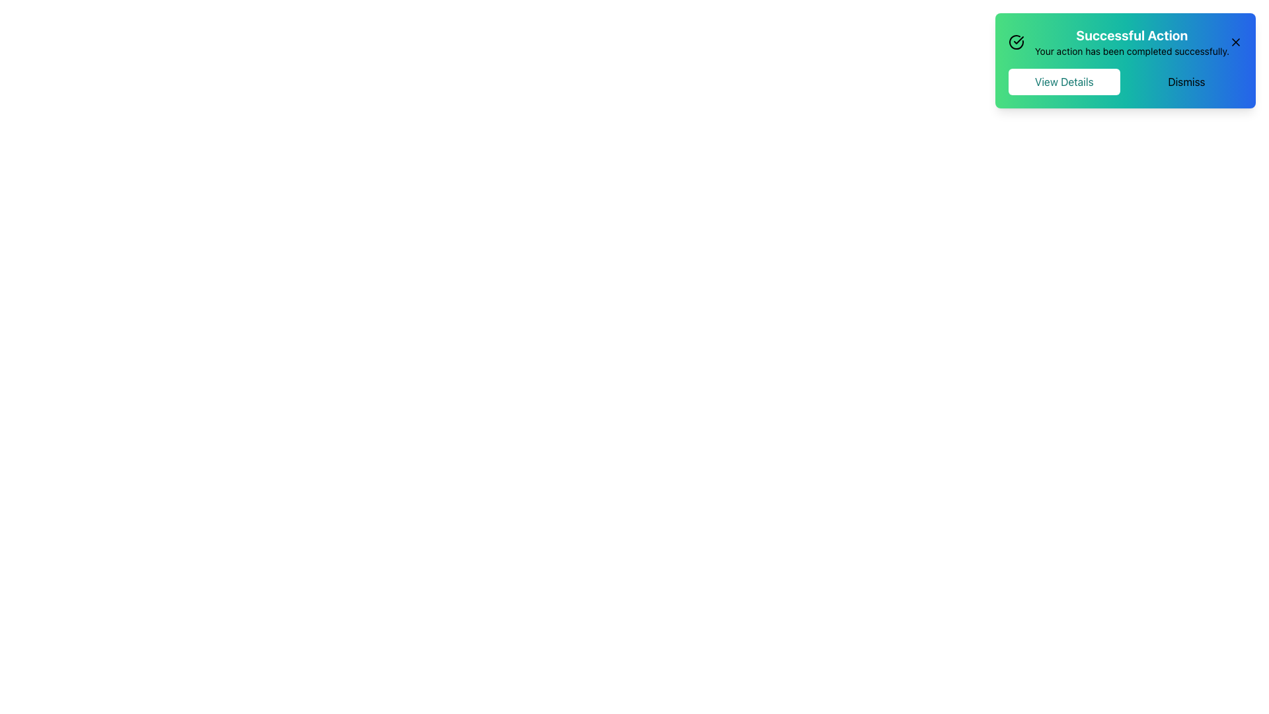 This screenshot has width=1269, height=714. What do you see at coordinates (1186, 81) in the screenshot?
I see `the 'Dismiss' button located at the top-right corner of the notification card` at bounding box center [1186, 81].